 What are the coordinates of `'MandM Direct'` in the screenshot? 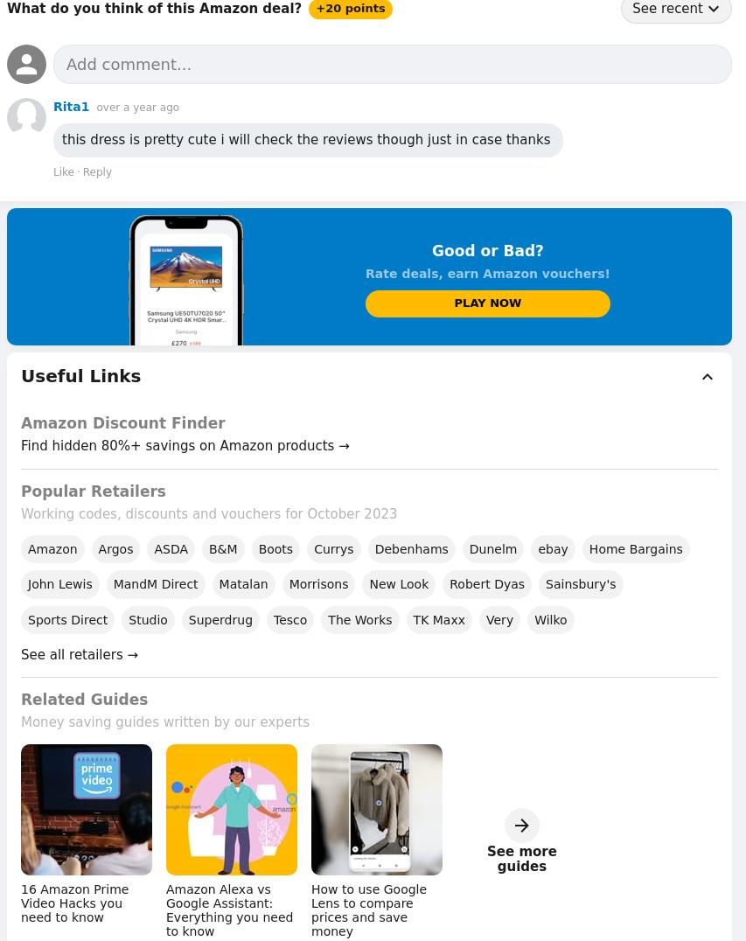 It's located at (155, 582).